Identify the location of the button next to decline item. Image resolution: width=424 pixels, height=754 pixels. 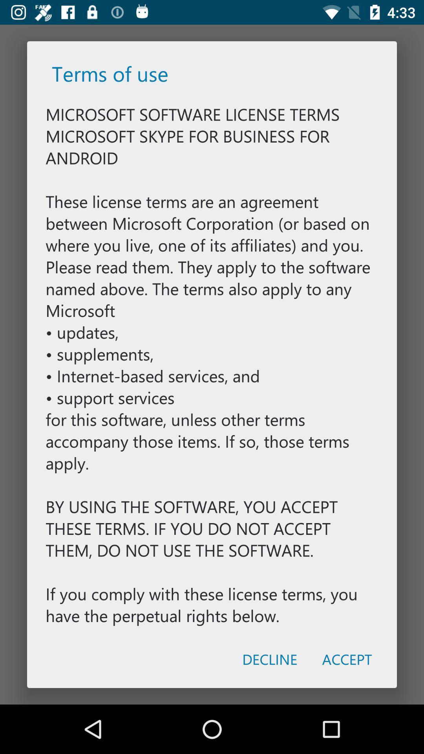
(347, 659).